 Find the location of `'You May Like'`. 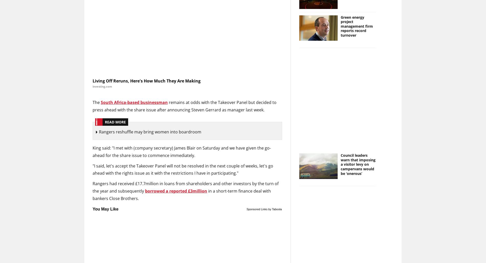

'You May Like' is located at coordinates (105, 209).